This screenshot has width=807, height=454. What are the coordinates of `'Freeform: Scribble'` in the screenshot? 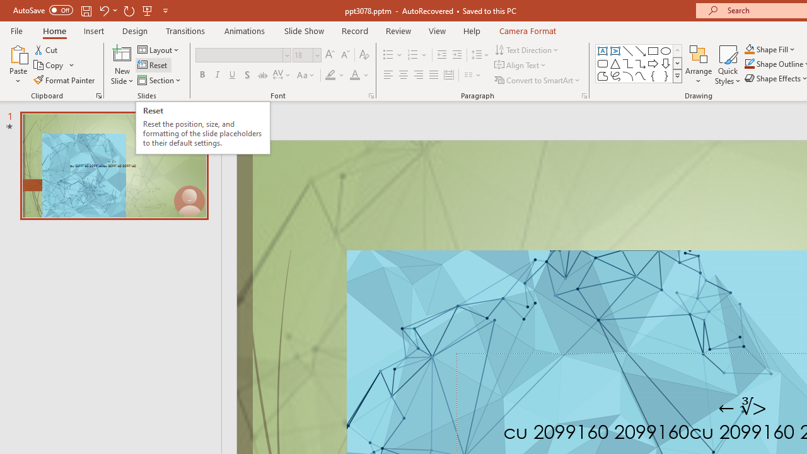 It's located at (615, 76).